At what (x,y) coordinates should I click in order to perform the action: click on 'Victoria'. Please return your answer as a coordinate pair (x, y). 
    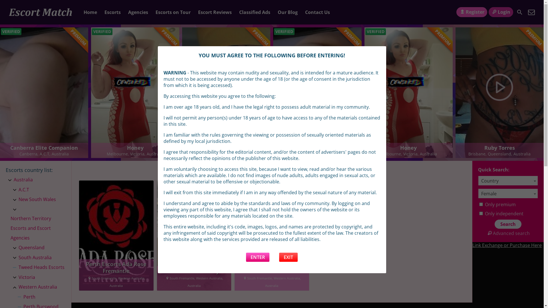
    Looking at the image, I should click on (27, 277).